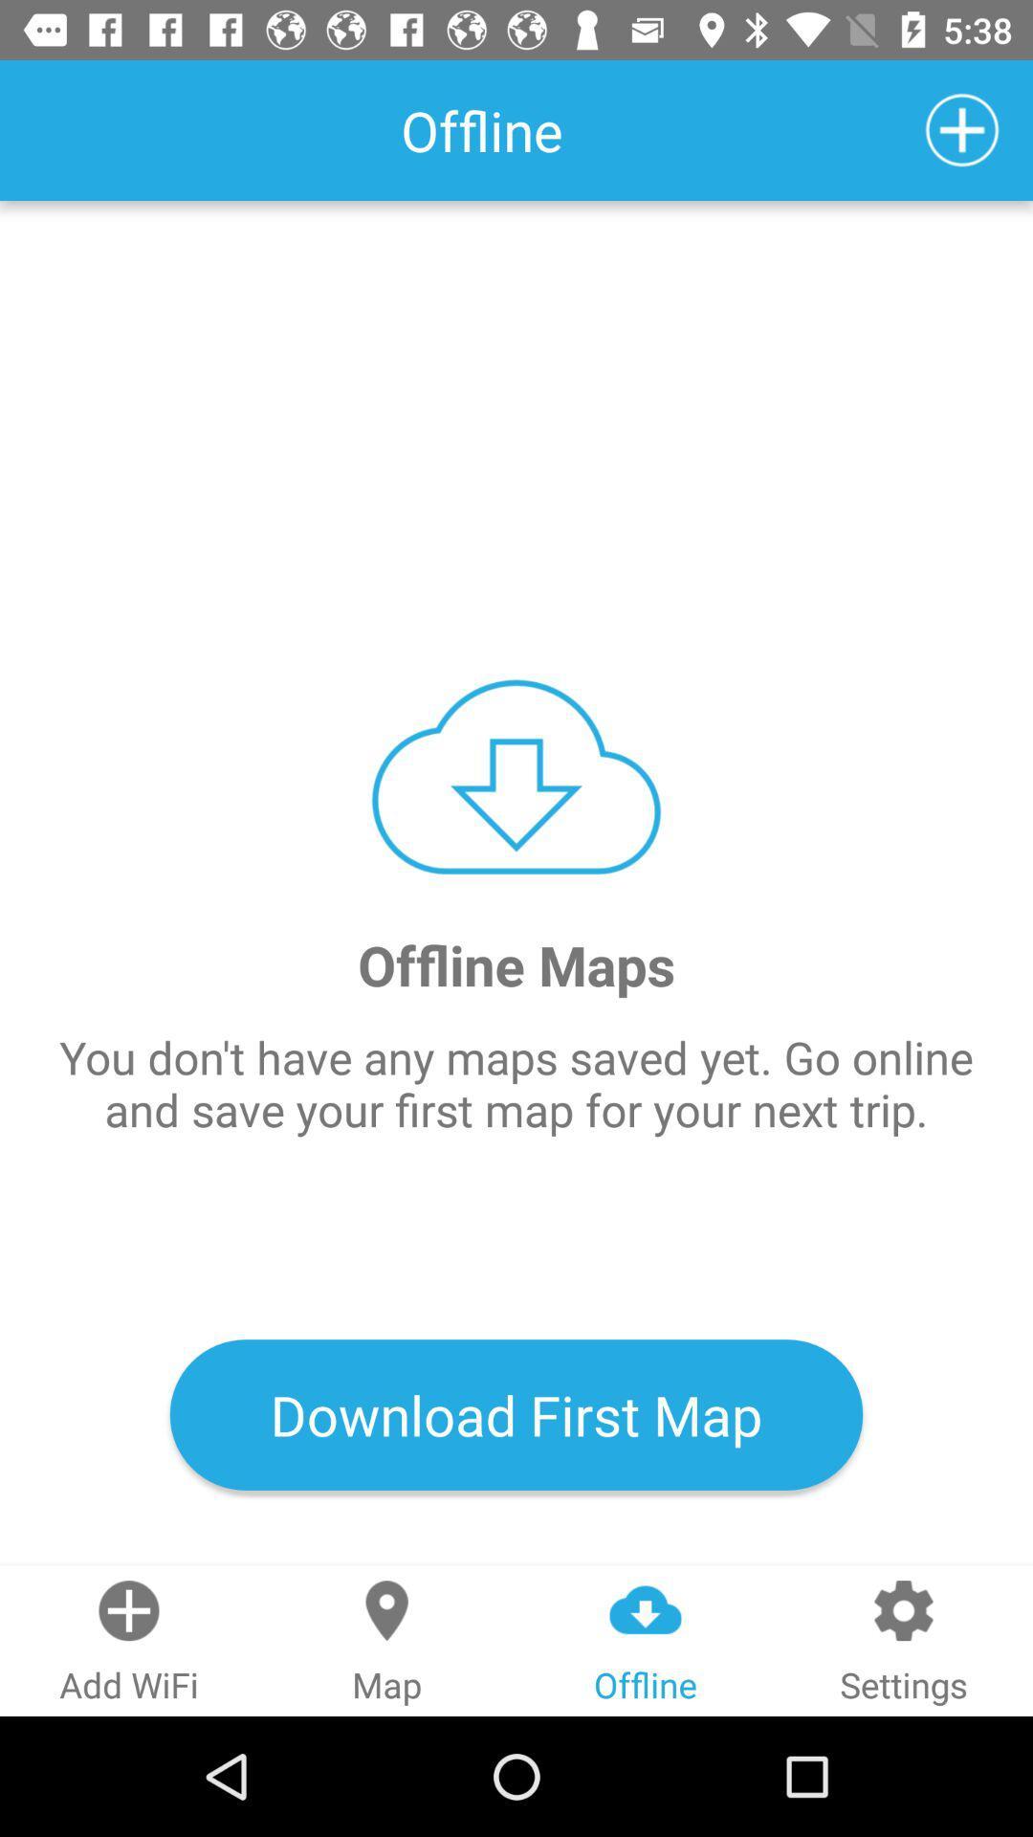  I want to click on the text left side to the icon plus, so click(481, 129).